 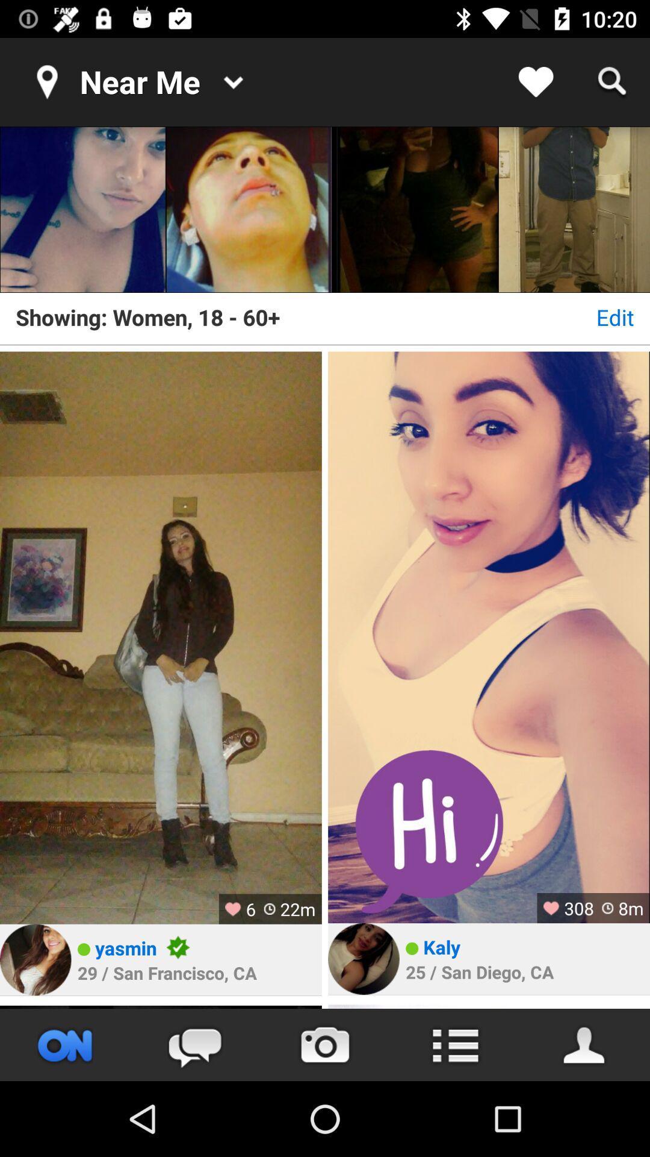 I want to click on the kaly item, so click(x=442, y=946).